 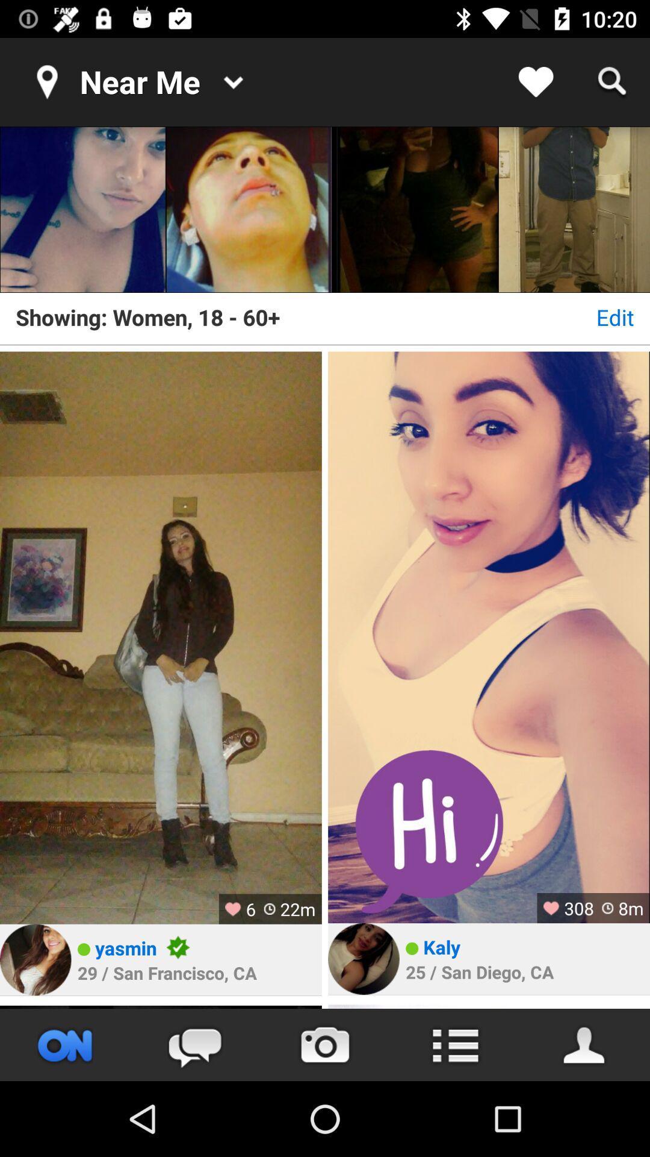 I want to click on the kaly item, so click(x=442, y=946).